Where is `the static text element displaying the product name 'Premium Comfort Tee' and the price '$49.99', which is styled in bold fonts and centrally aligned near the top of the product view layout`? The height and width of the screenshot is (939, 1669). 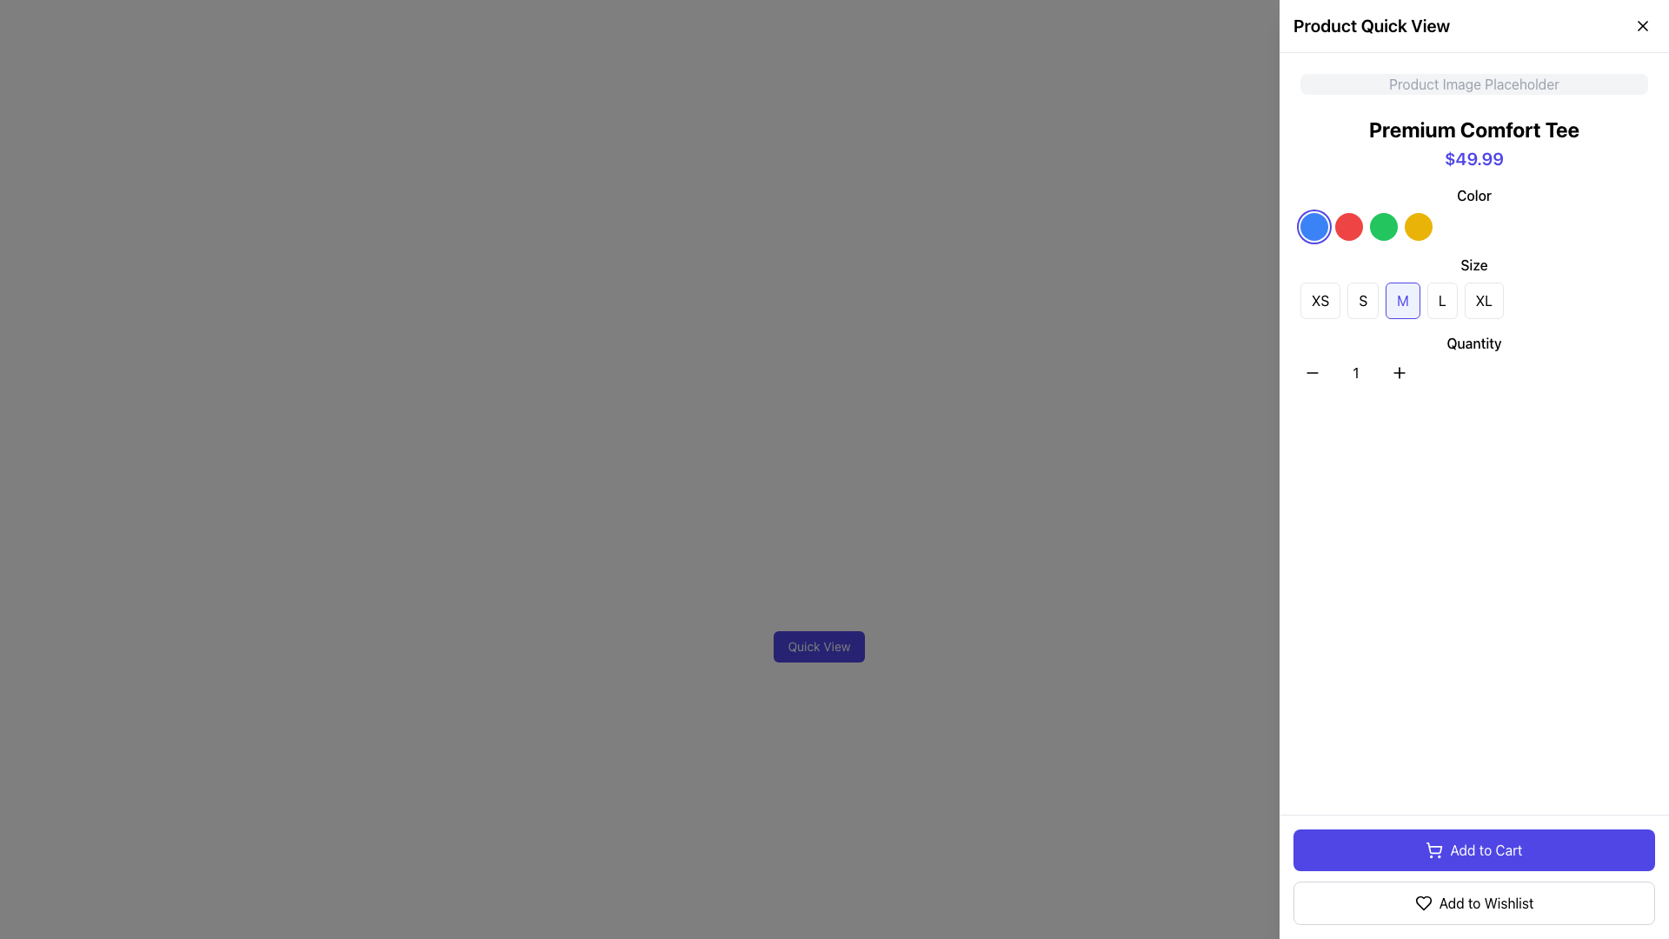 the static text element displaying the product name 'Premium Comfort Tee' and the price '$49.99', which is styled in bold fonts and centrally aligned near the top of the product view layout is located at coordinates (1473, 143).